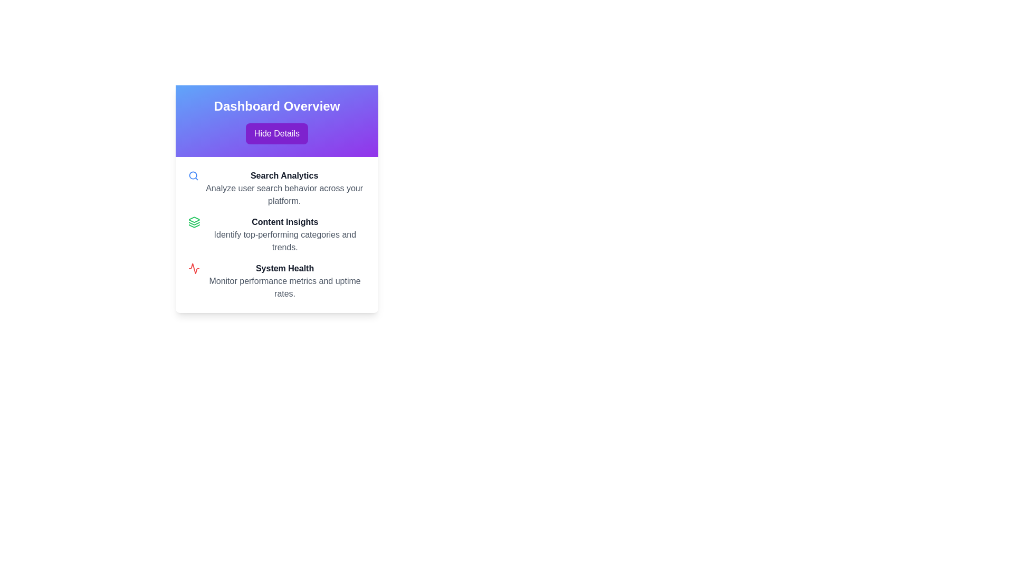 This screenshot has width=1013, height=569. I want to click on the Text block that provides the informational heading 'Content Insights' and the subtitle 'Identify top-performing categories and trends', located centrally in the content area of the dashboard, between 'Search Analytics' and 'System Health', so click(285, 234).